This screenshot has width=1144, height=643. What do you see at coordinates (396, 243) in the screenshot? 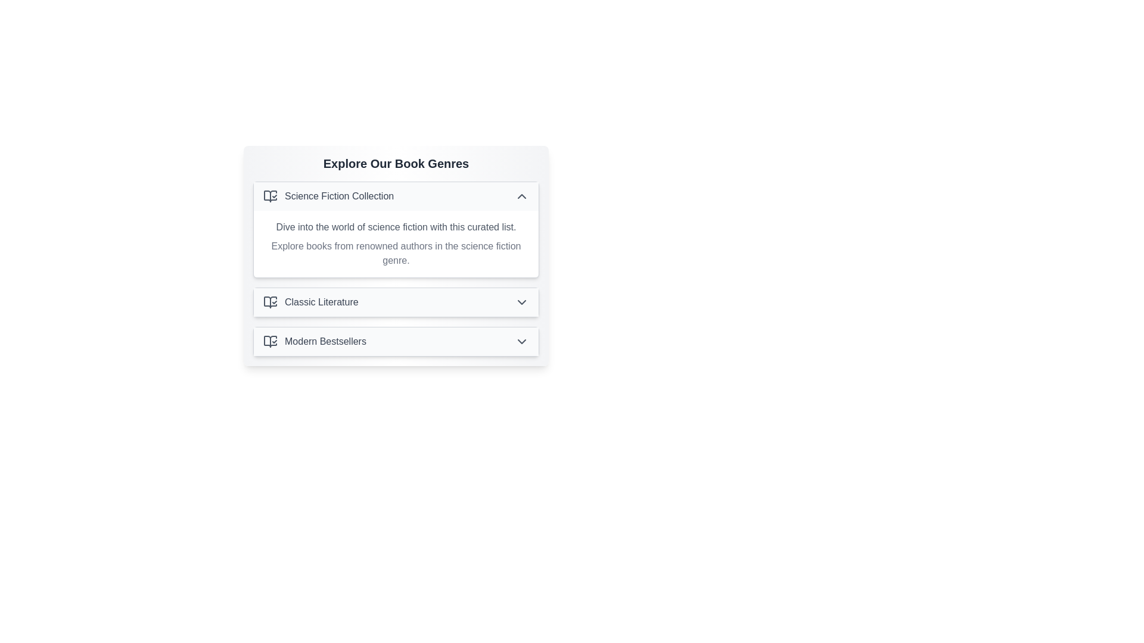
I see `the Text Block containing two lines of text about science fiction books, styled in gray colors, to emphasize it` at bounding box center [396, 243].